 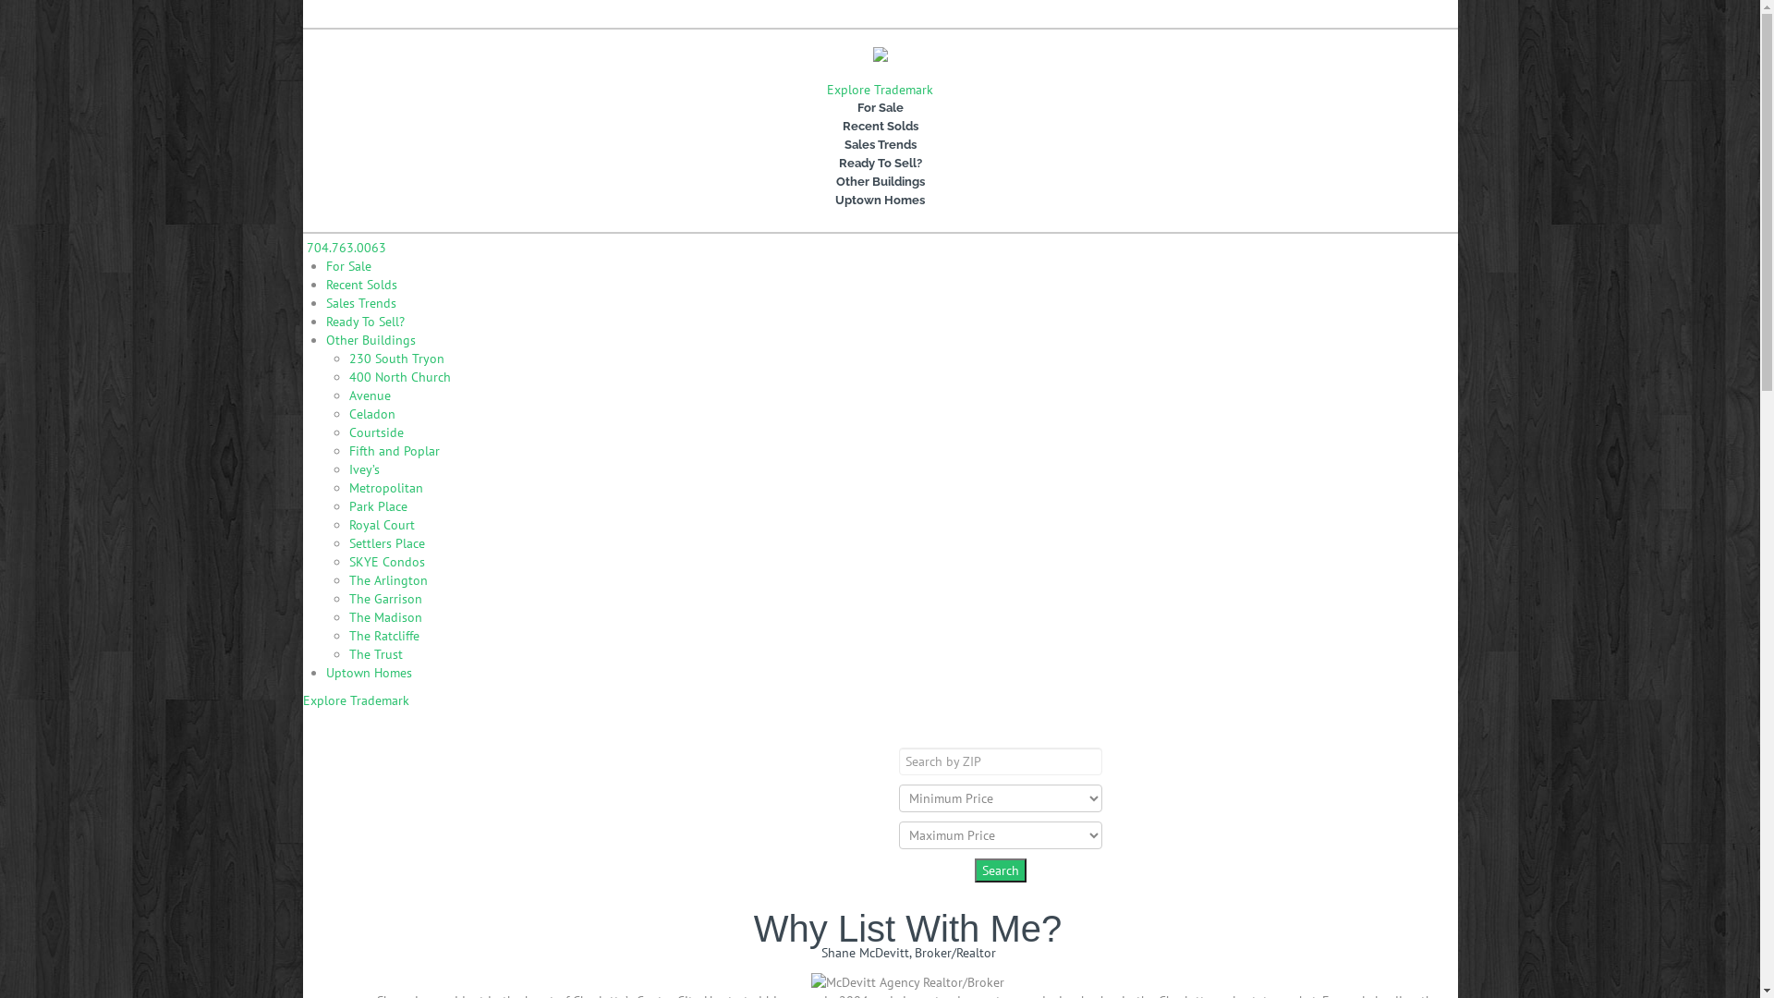 I want to click on 'Other Buildings', so click(x=880, y=181).